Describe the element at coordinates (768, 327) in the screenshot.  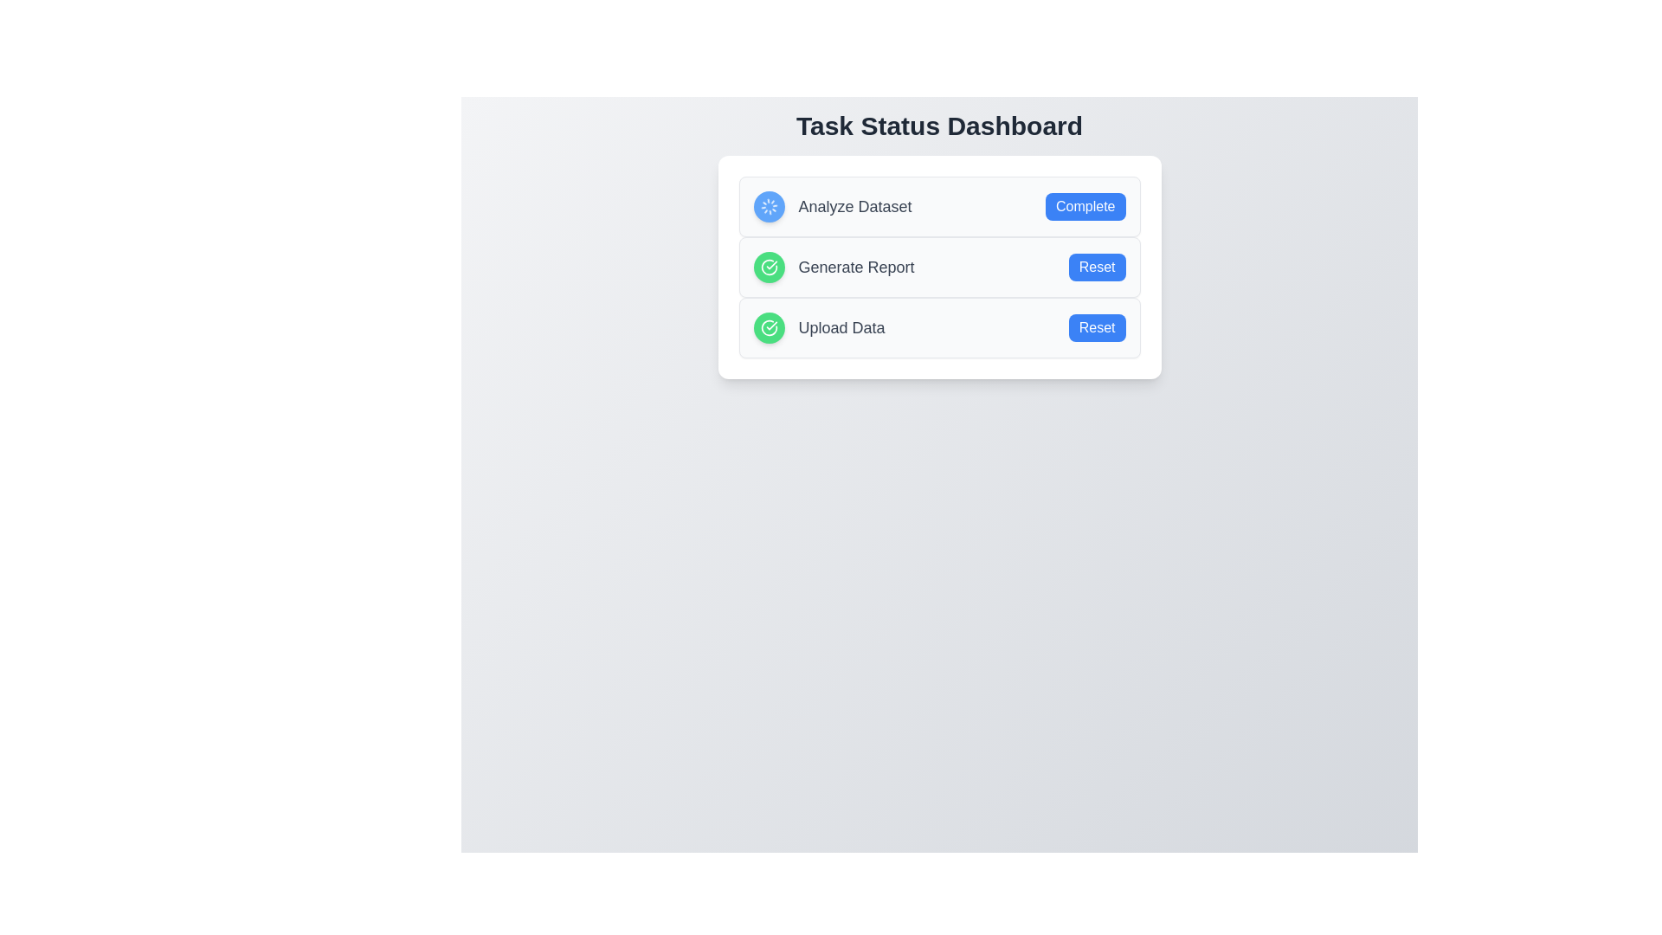
I see `the Decorative indicator that visually indicates the completion status of the 'Upload Data' task, which is located to the left of the 'Upload Data' text in the task status dashboard` at that location.